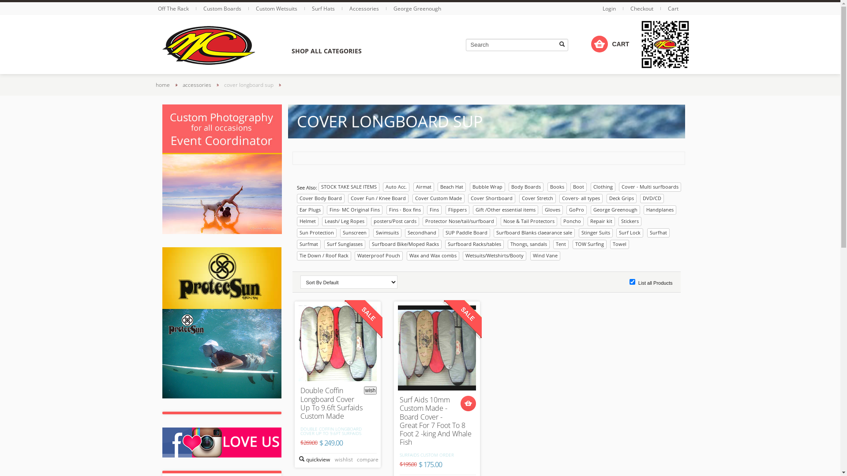  I want to click on 'Swimsuits', so click(373, 232).